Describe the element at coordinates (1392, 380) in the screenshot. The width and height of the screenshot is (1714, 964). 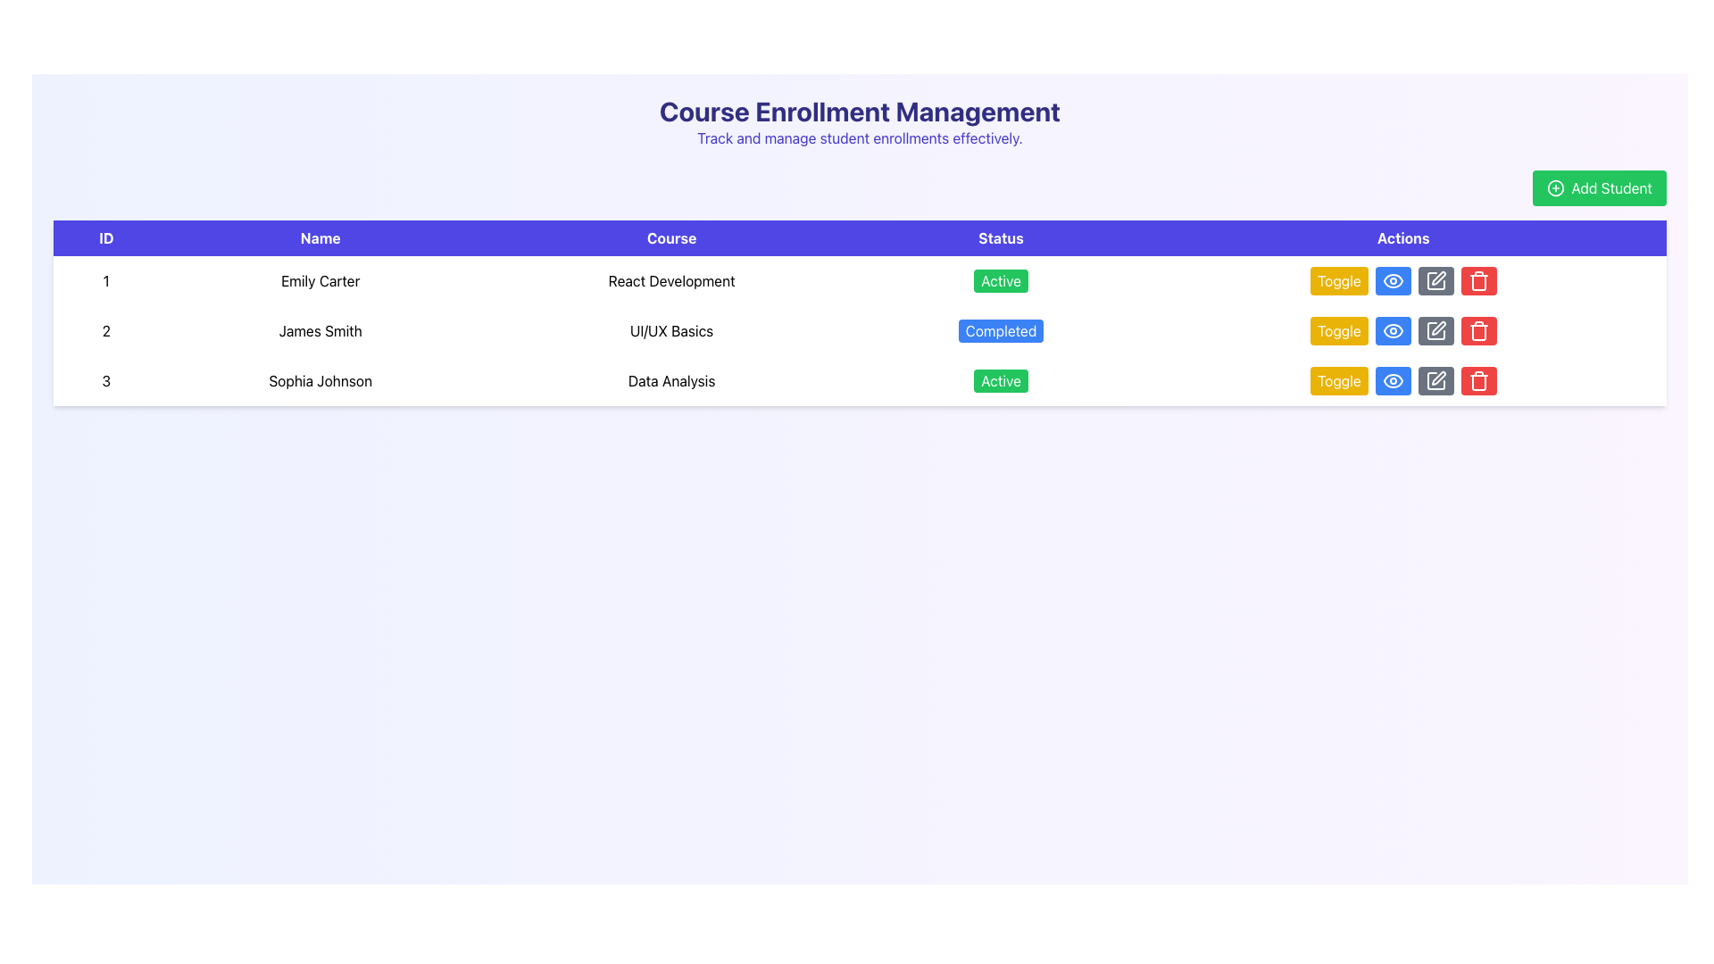
I see `the eye icon with a blue background located in the Actions column of the third row, between the toggle button and the edit icon` at that location.